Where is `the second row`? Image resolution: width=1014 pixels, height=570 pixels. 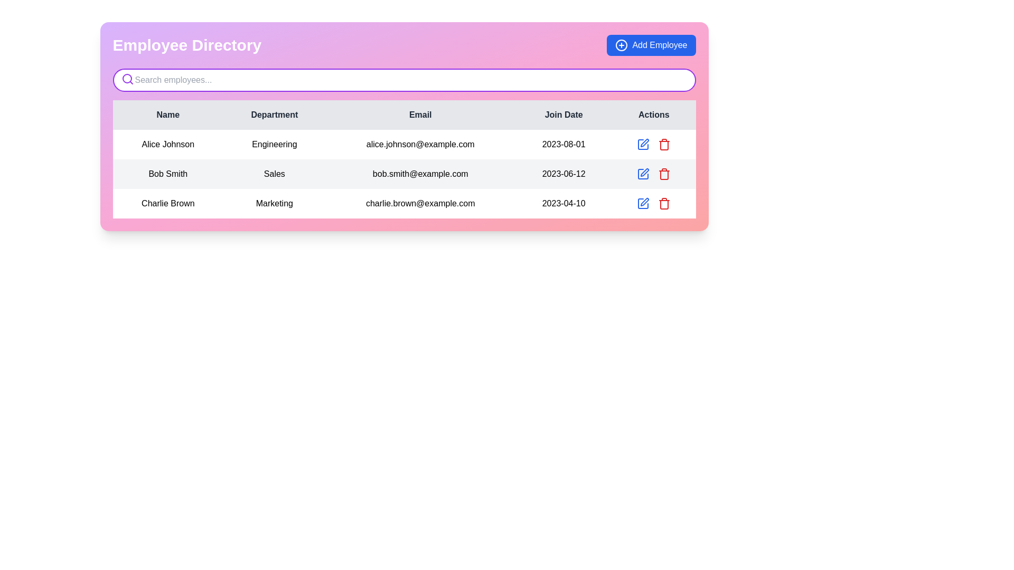
the second row is located at coordinates (403, 174).